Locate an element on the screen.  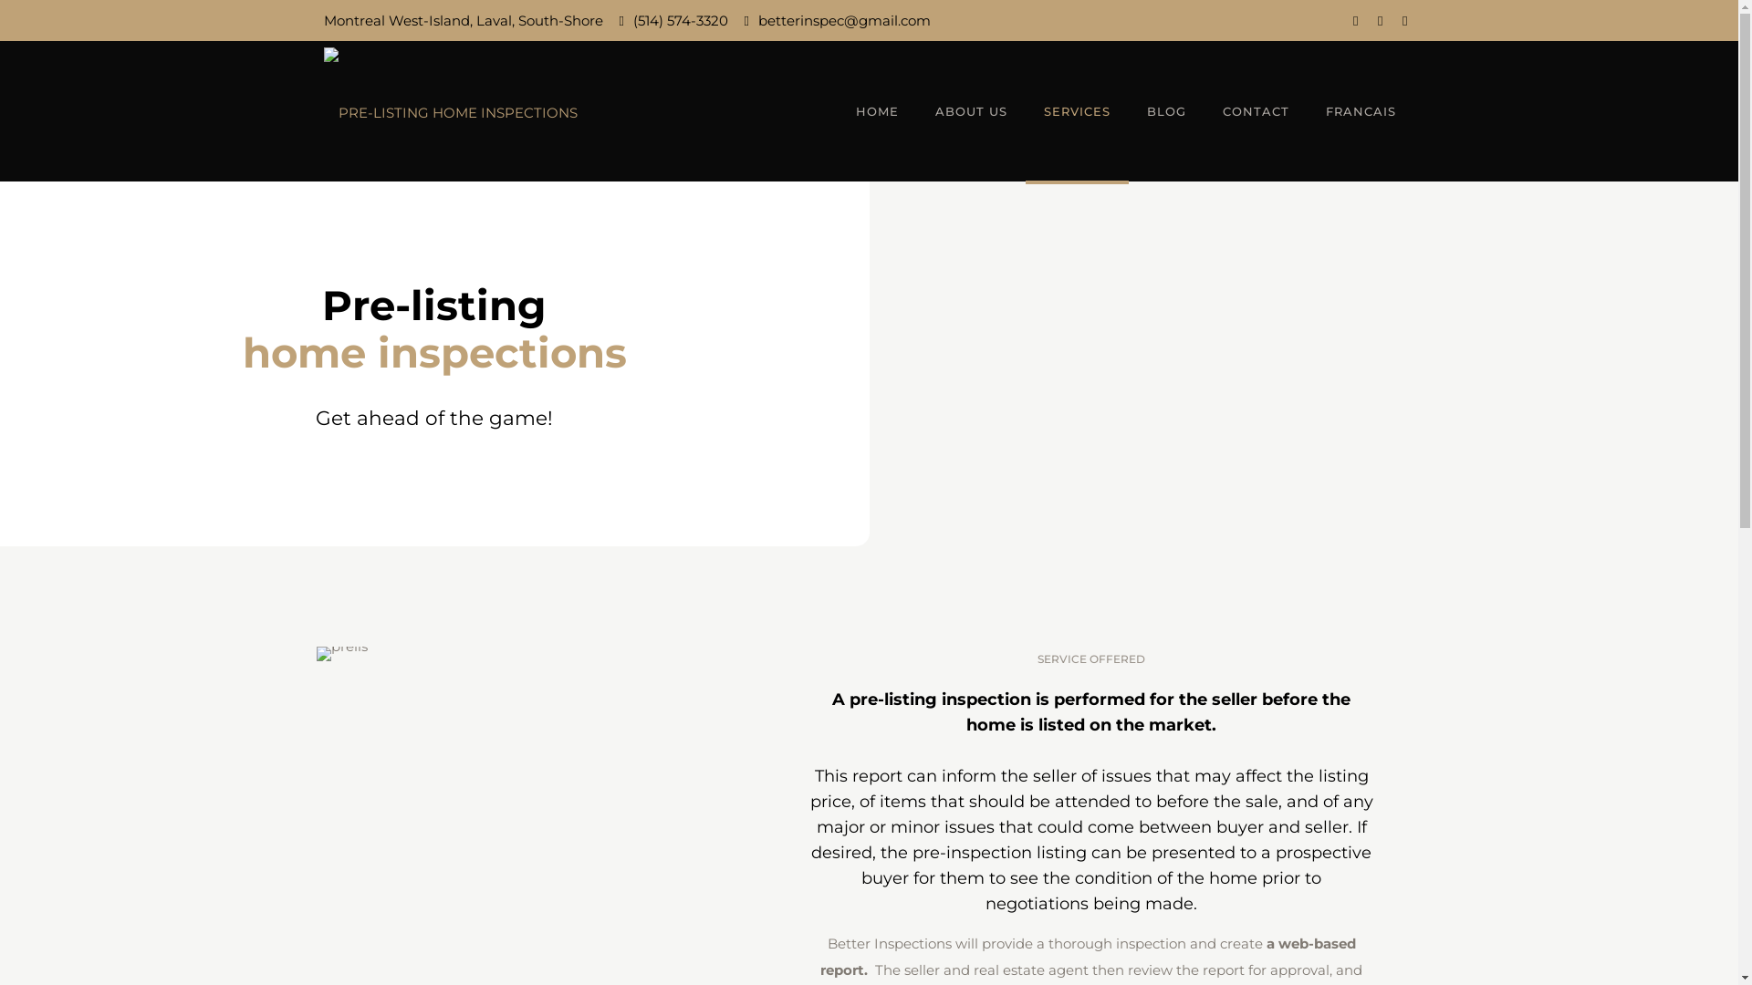
'BLOG' is located at coordinates (1165, 110).